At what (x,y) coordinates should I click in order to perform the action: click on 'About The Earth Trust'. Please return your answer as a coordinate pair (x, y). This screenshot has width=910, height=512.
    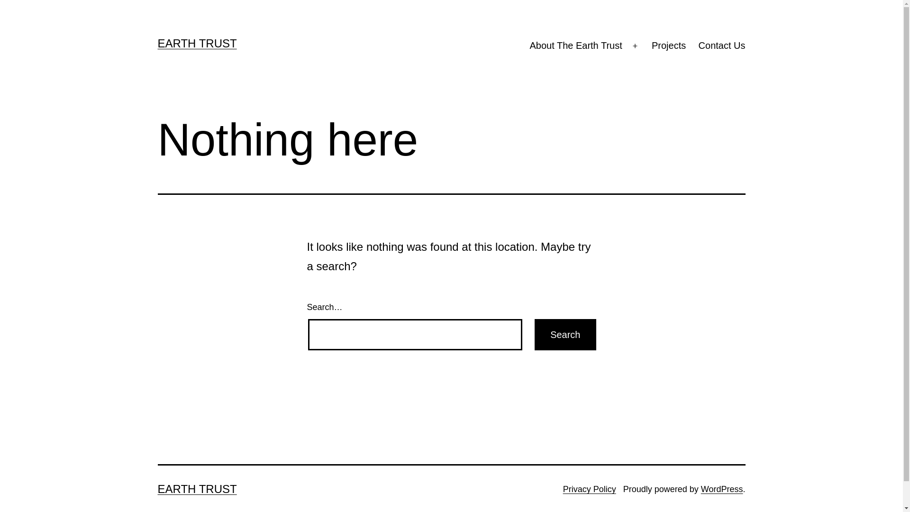
    Looking at the image, I should click on (575, 46).